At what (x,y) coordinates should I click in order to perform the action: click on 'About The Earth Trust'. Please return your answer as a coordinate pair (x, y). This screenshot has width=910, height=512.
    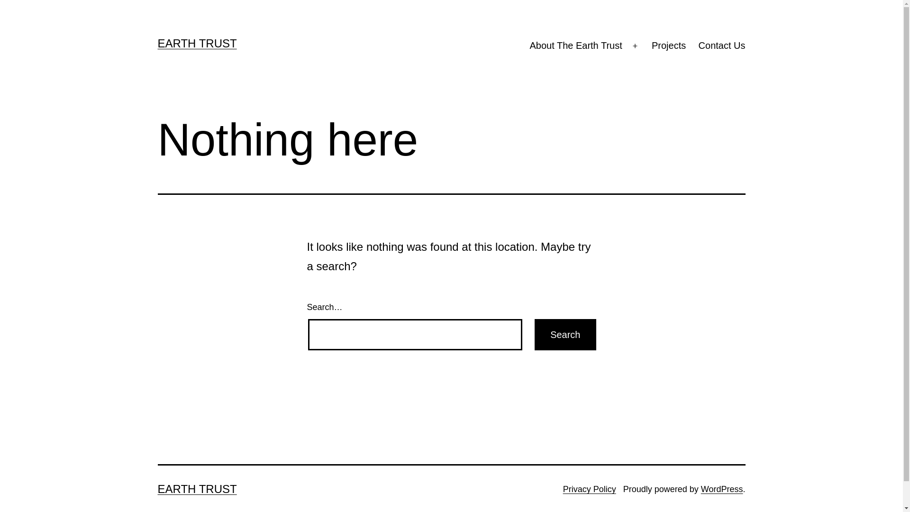
    Looking at the image, I should click on (575, 46).